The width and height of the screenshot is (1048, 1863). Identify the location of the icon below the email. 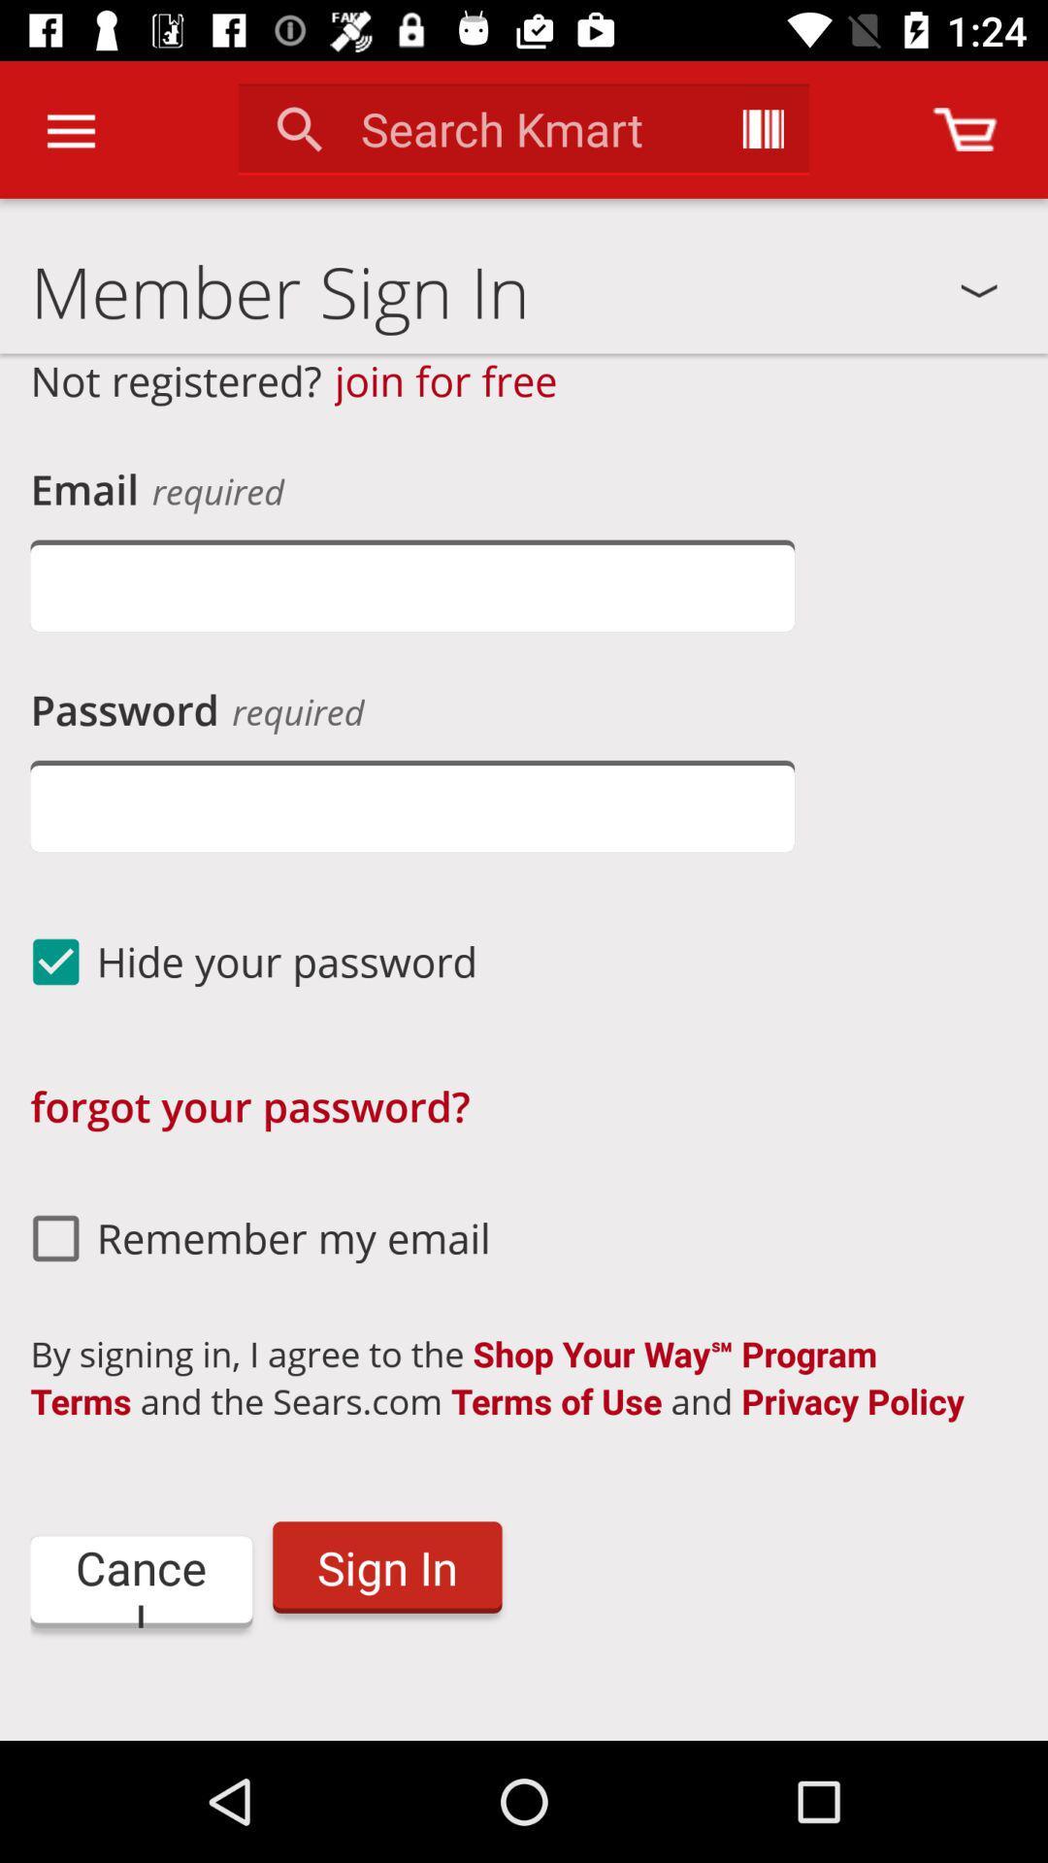
(411, 584).